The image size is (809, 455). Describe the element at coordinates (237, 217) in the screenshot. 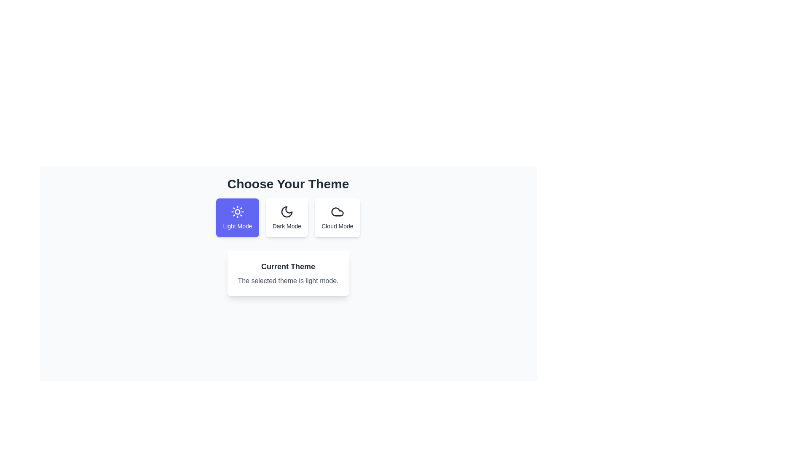

I see `the theme by clicking on the respective button for Light Mode` at that location.